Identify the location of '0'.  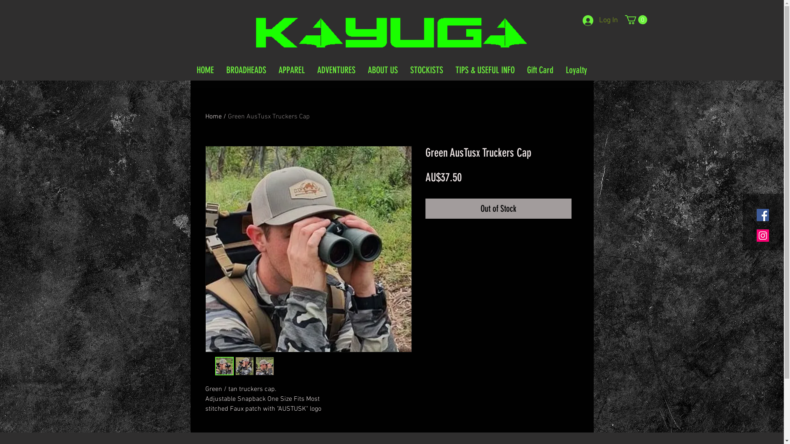
(635, 19).